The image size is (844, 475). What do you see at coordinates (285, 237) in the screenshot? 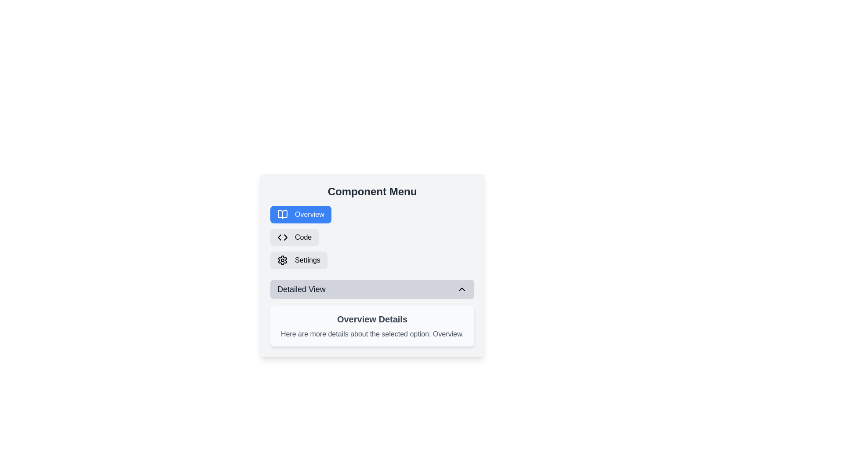
I see `the right-pointing arrow of the bidirectional caret icon set, which is located in the code icon group between the 'Overview' and 'Settings' buttons` at bounding box center [285, 237].